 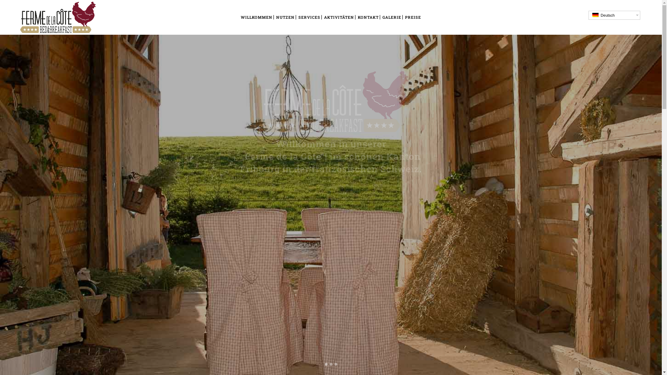 What do you see at coordinates (309, 17) in the screenshot?
I see `'SERVICES'` at bounding box center [309, 17].